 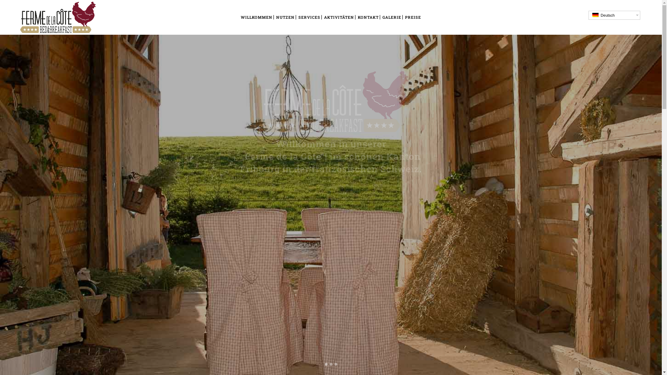 What do you see at coordinates (309, 17) in the screenshot?
I see `'SERVICES'` at bounding box center [309, 17].